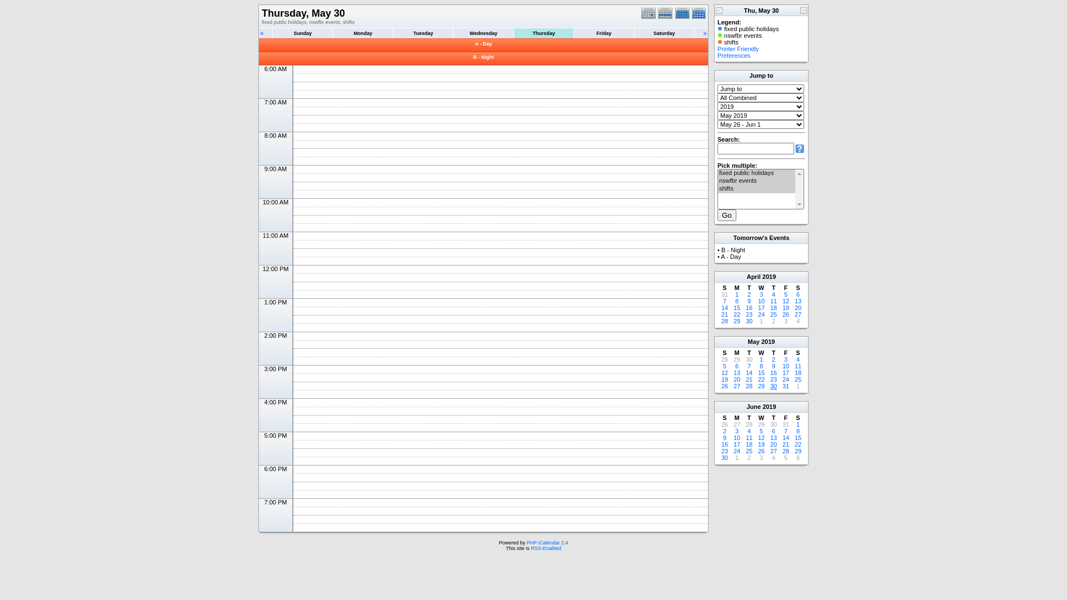 The height and width of the screenshot is (600, 1067). What do you see at coordinates (760, 458) in the screenshot?
I see `'3'` at bounding box center [760, 458].